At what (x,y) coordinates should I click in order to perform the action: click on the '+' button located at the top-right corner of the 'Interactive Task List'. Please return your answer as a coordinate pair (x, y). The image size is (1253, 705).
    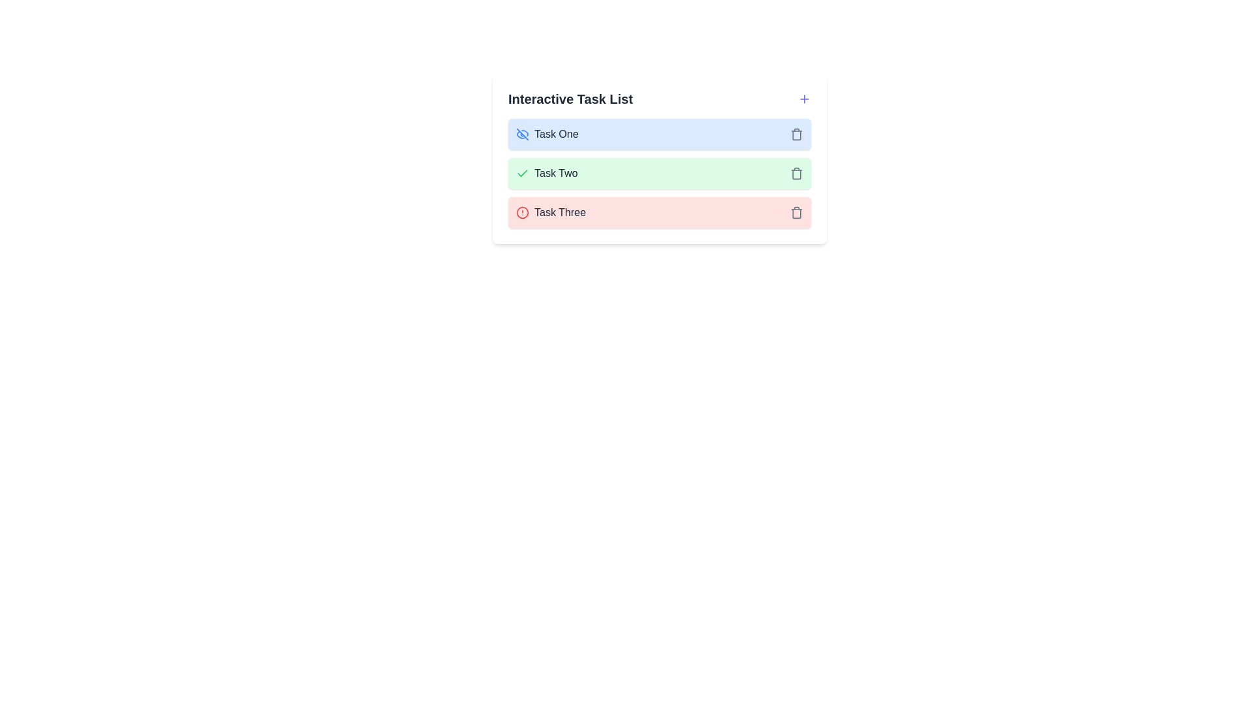
    Looking at the image, I should click on (804, 98).